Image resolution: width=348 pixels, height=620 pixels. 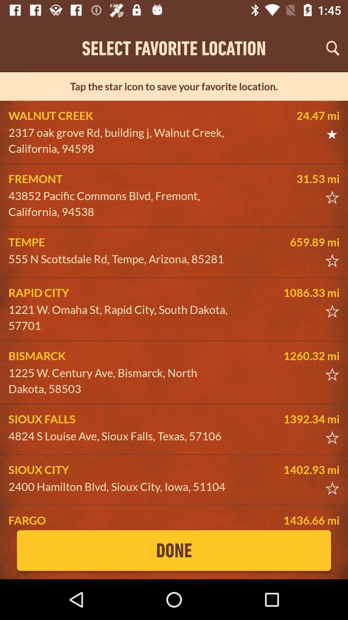 I want to click on search button, so click(x=333, y=48).